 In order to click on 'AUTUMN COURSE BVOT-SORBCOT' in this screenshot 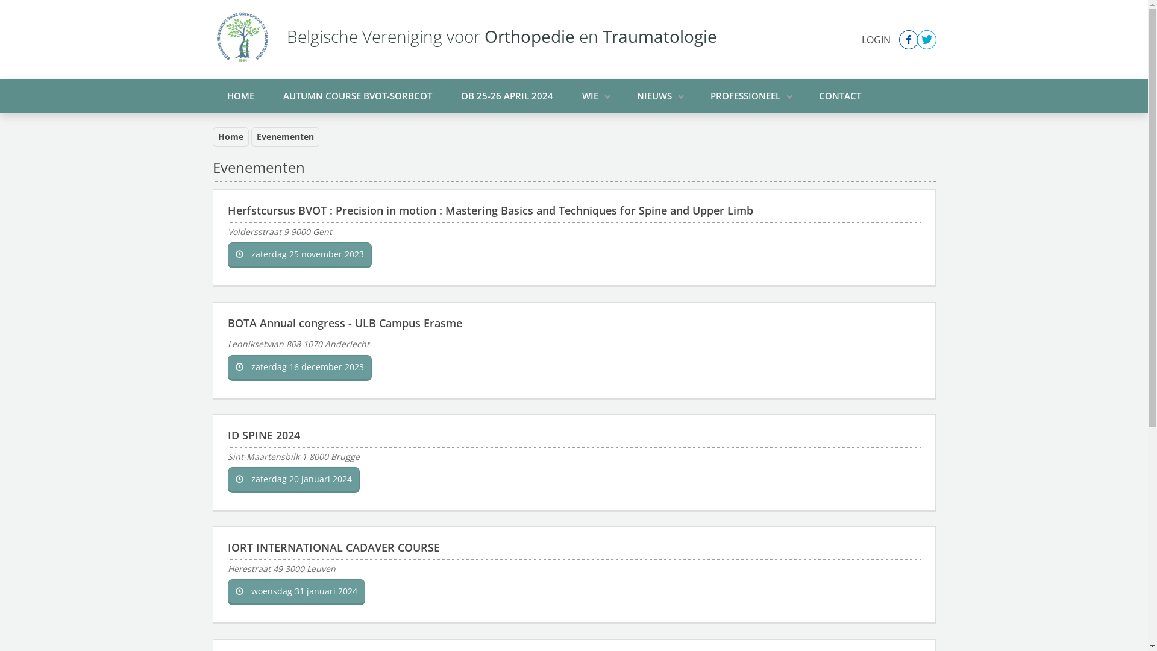, I will do `click(357, 95)`.